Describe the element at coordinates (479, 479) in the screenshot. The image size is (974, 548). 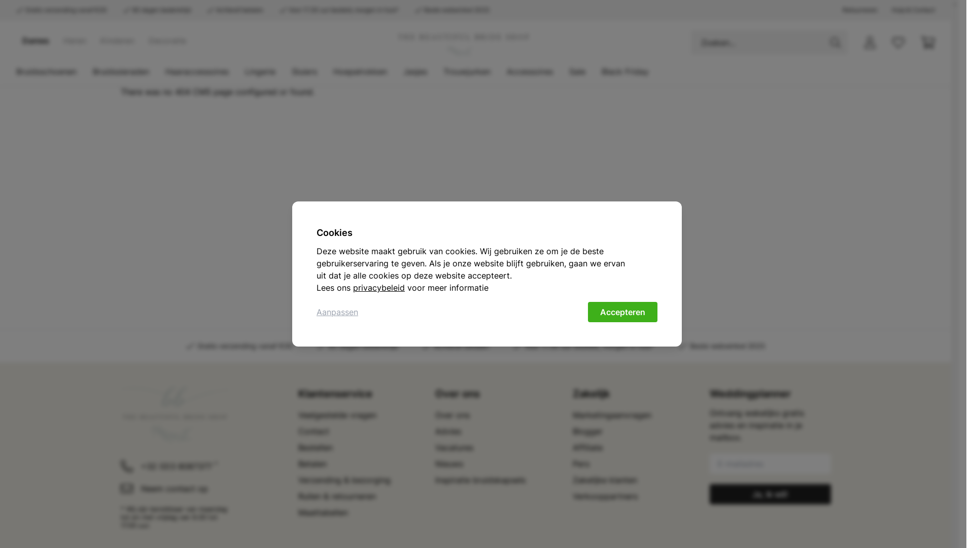
I see `'Inspiratie bruidskapsels'` at that location.